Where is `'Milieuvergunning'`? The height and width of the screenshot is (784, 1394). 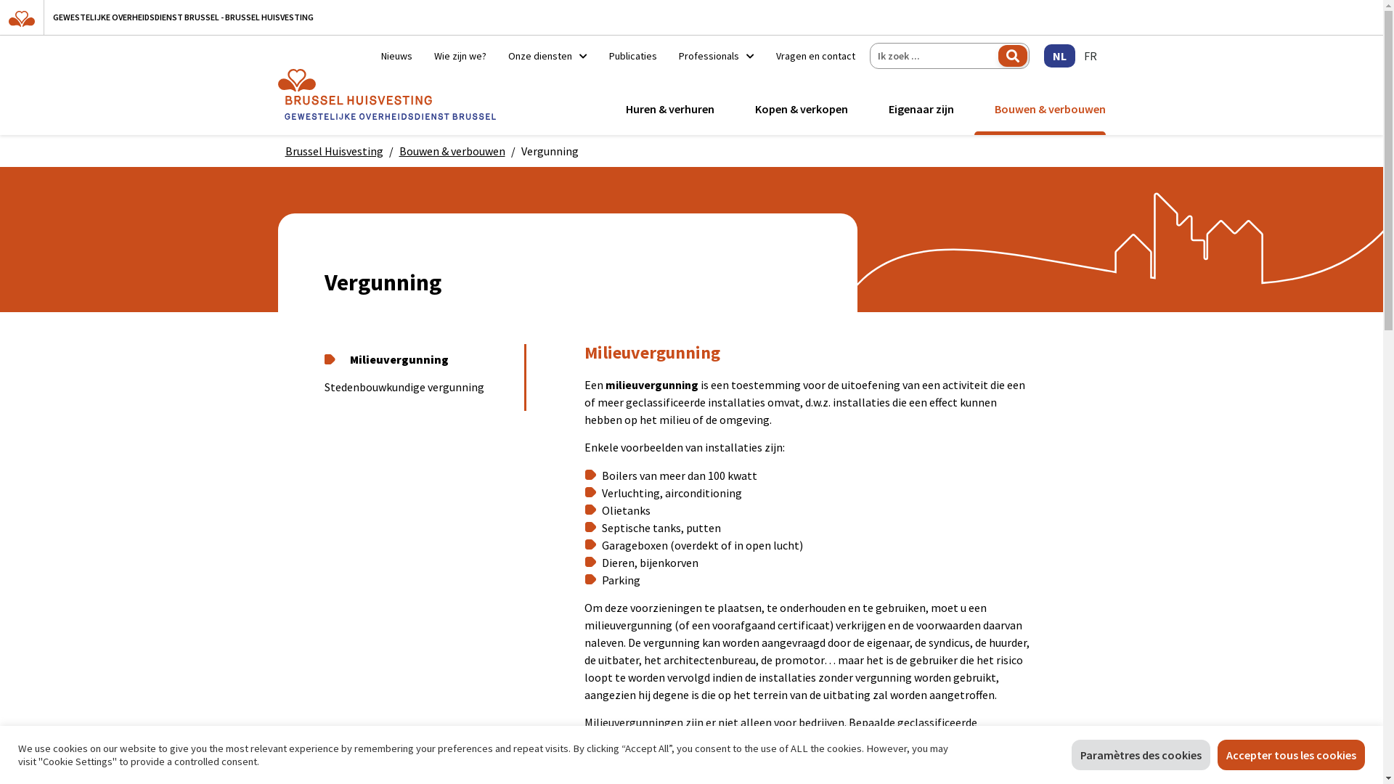 'Milieuvergunning' is located at coordinates (417, 359).